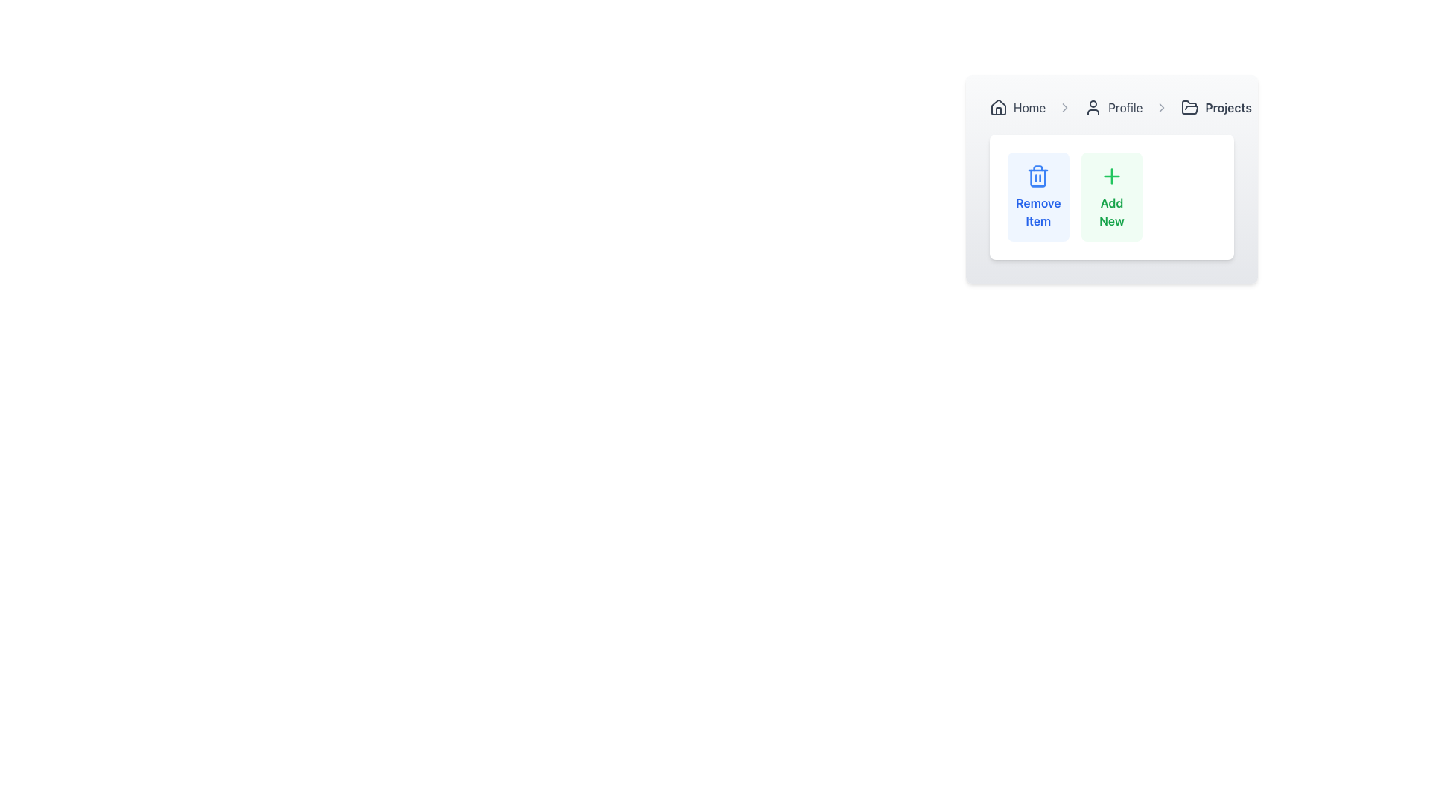 The height and width of the screenshot is (804, 1430). I want to click on the delete icon located within the 'Remove Item' card, positioned to the left of the 'Add New' card, so click(1037, 175).